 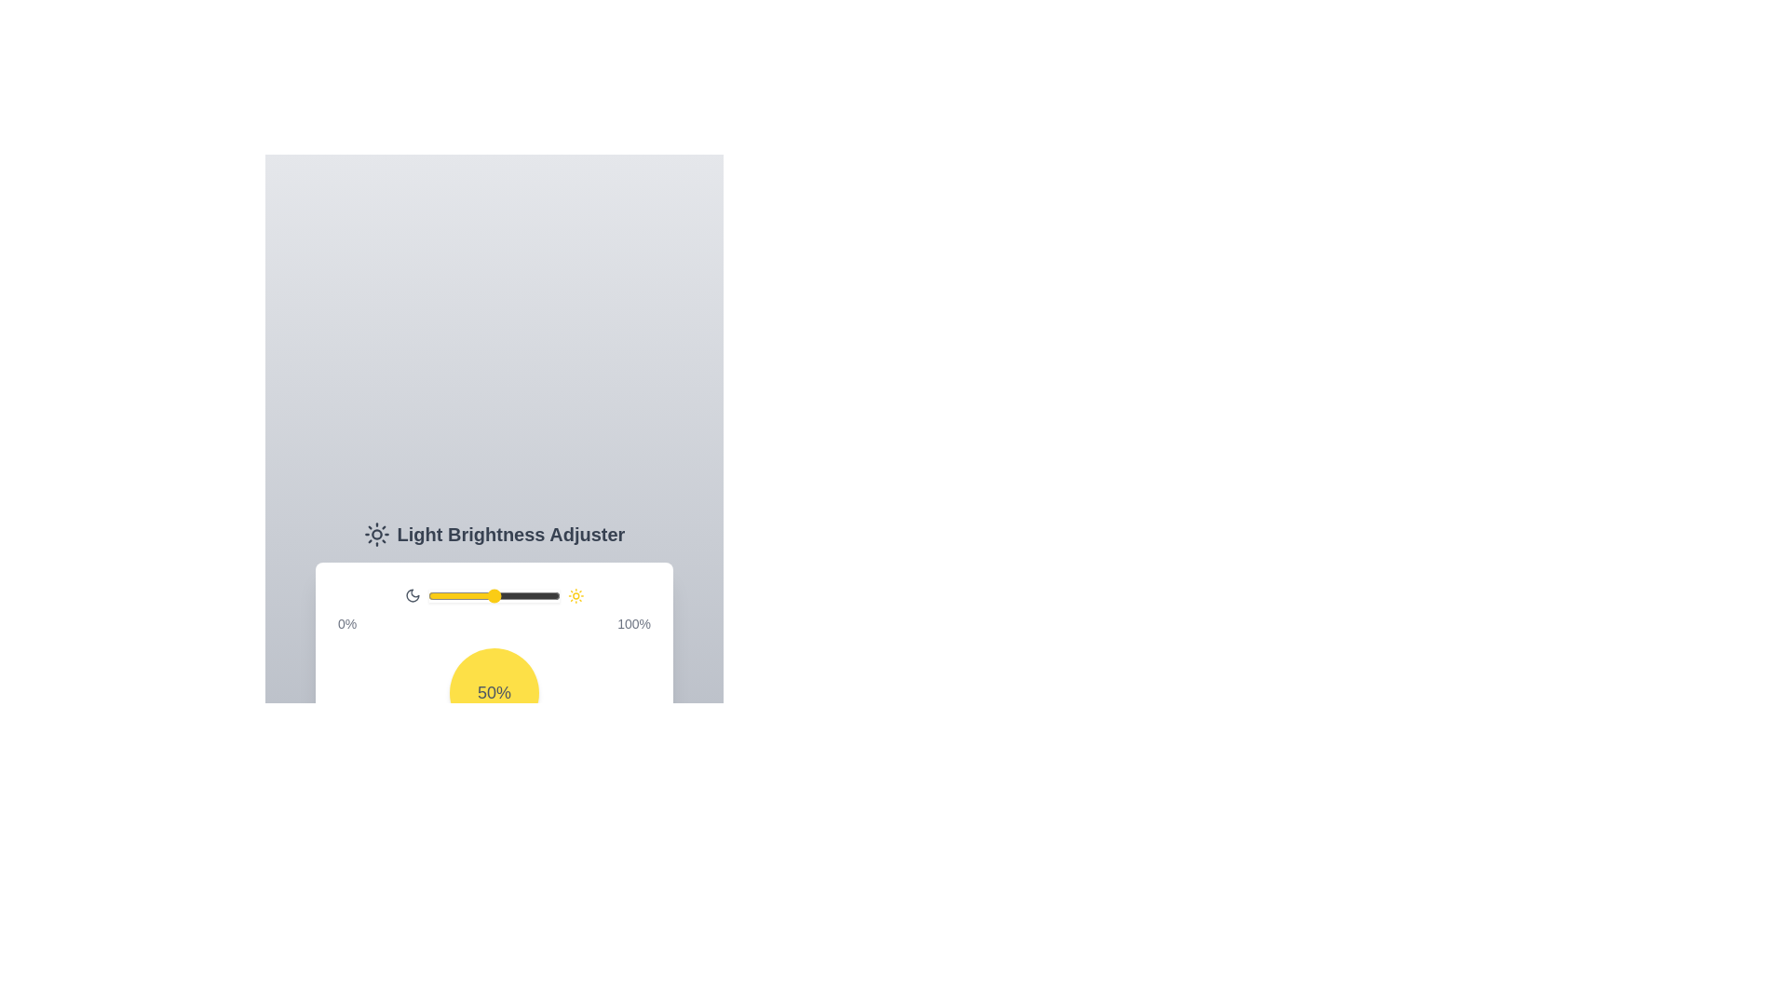 I want to click on the brightness to 50%, so click(x=494, y=596).